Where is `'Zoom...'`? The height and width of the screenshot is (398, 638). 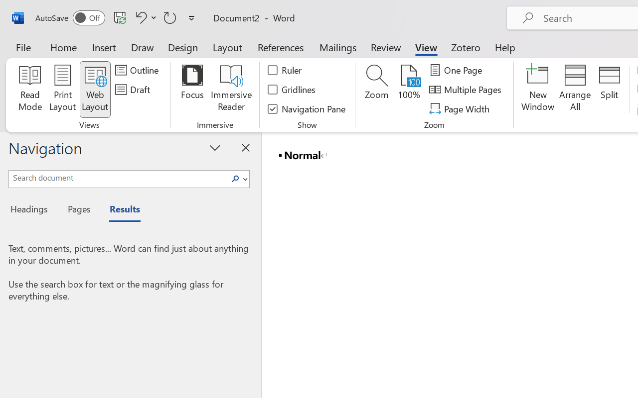
'Zoom...' is located at coordinates (376, 89).